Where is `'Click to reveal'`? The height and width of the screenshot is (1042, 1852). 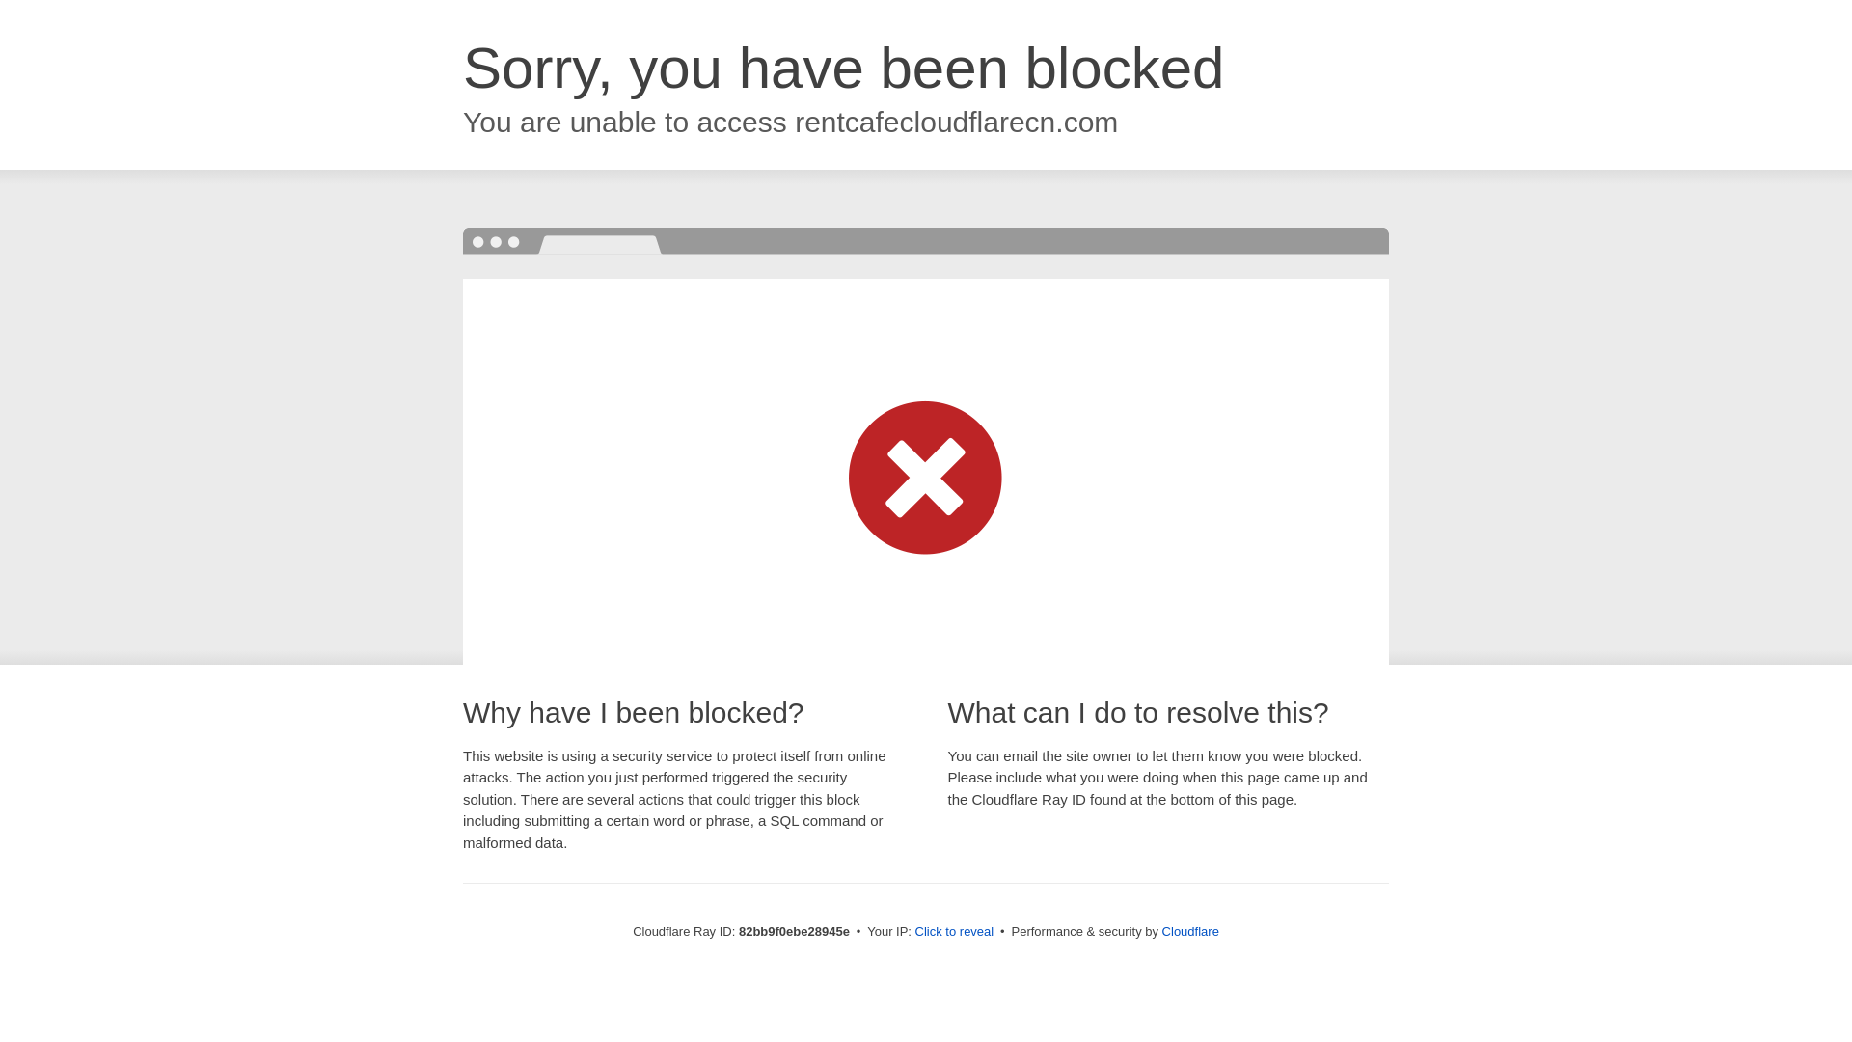
'Click to reveal' is located at coordinates (914, 930).